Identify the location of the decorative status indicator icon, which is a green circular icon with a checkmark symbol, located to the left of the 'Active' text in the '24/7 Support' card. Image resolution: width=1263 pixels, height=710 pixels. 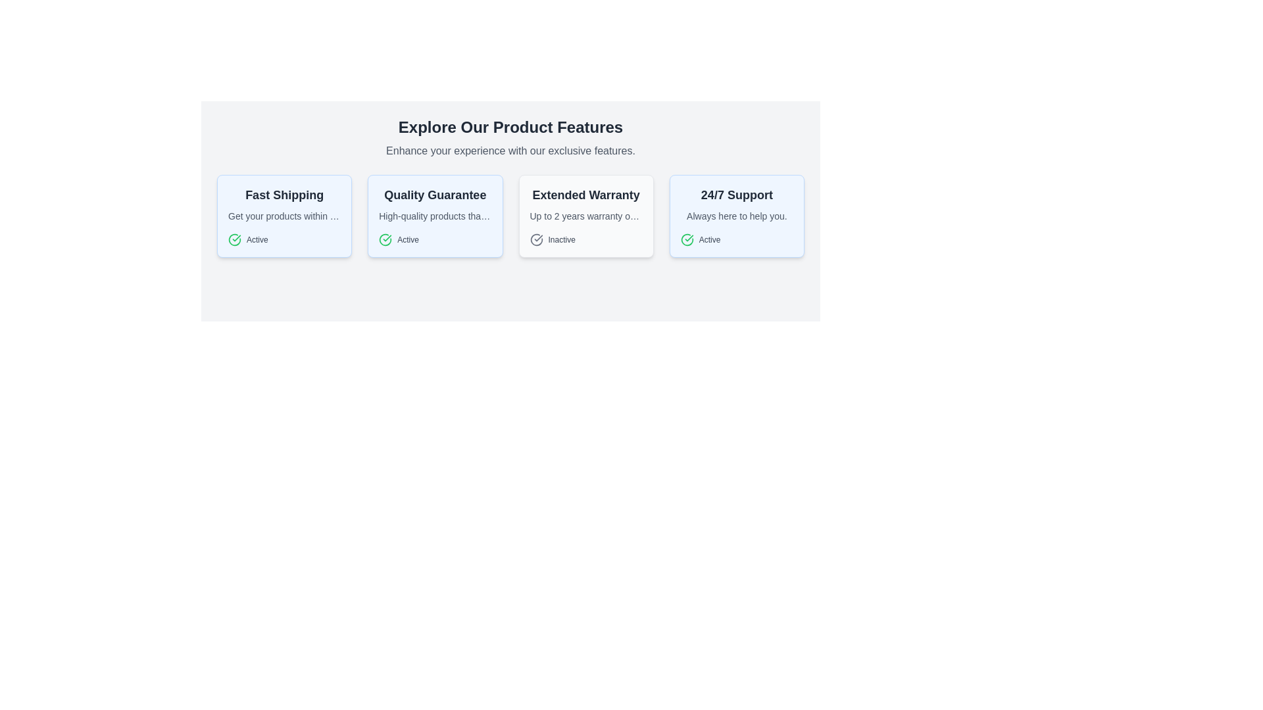
(686, 240).